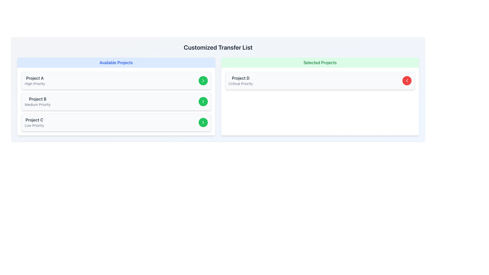  What do you see at coordinates (116, 80) in the screenshot?
I see `the first list item titled 'Project A' in the left panel of 'Available Projects'` at bounding box center [116, 80].